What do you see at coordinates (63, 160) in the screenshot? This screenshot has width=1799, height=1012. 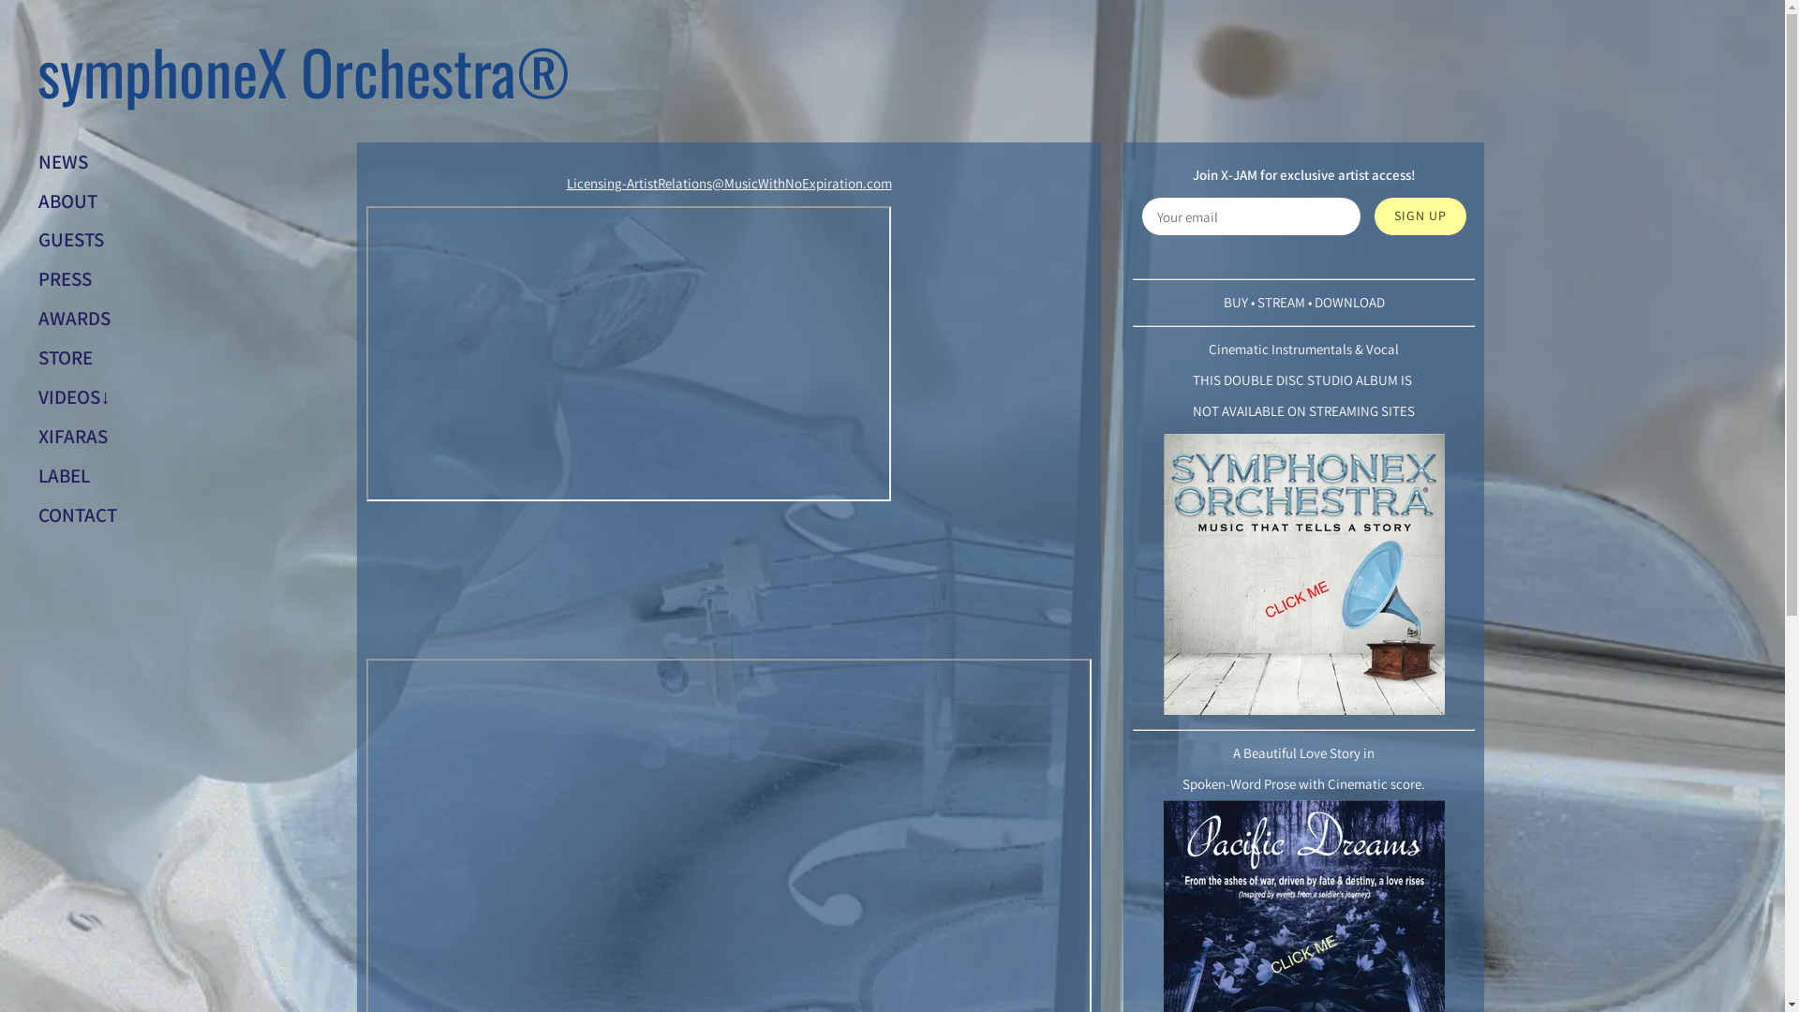 I see `'NEWS'` at bounding box center [63, 160].